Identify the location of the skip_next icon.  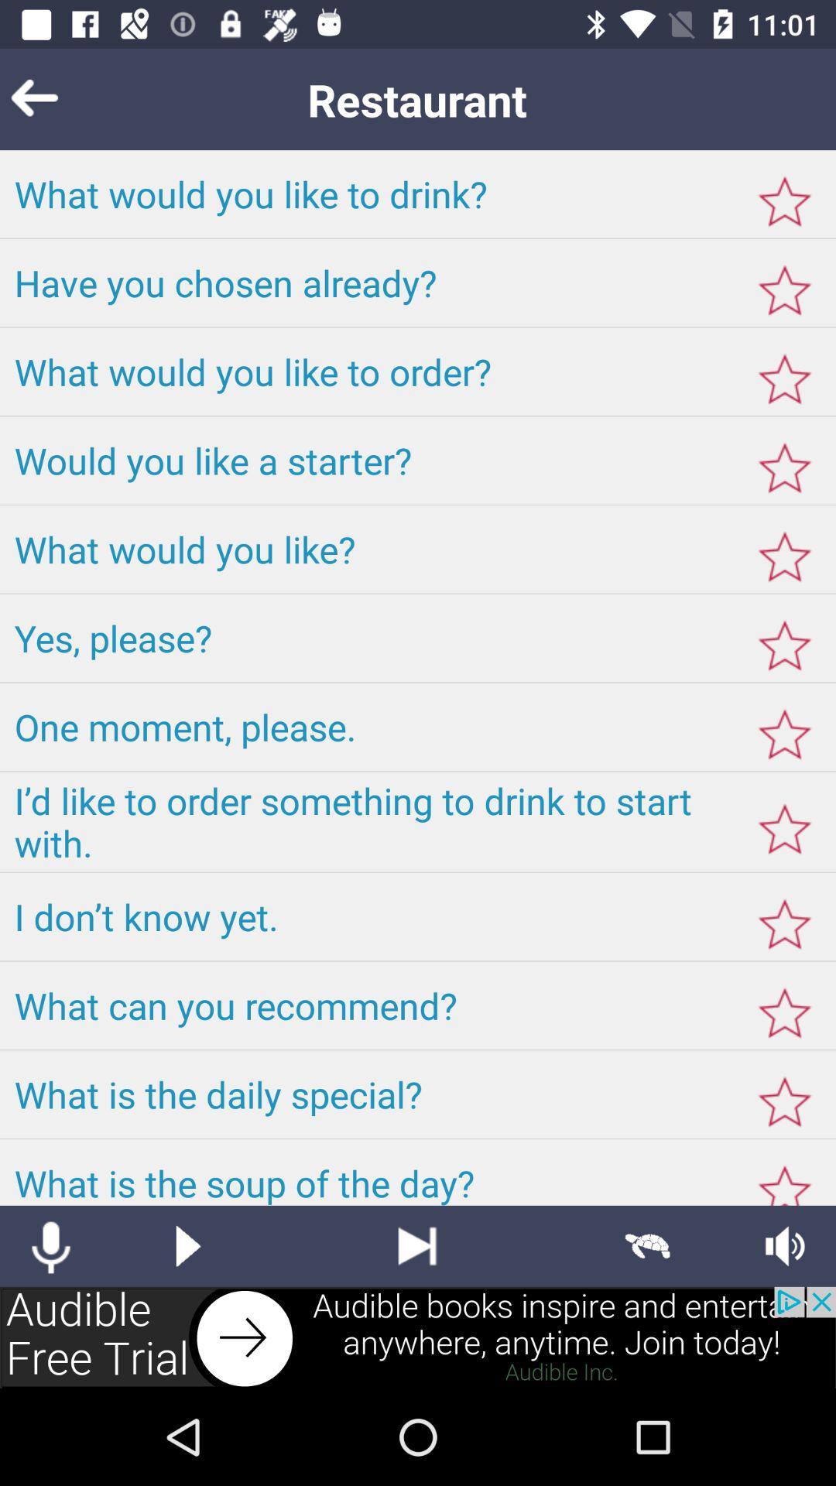
(416, 1246).